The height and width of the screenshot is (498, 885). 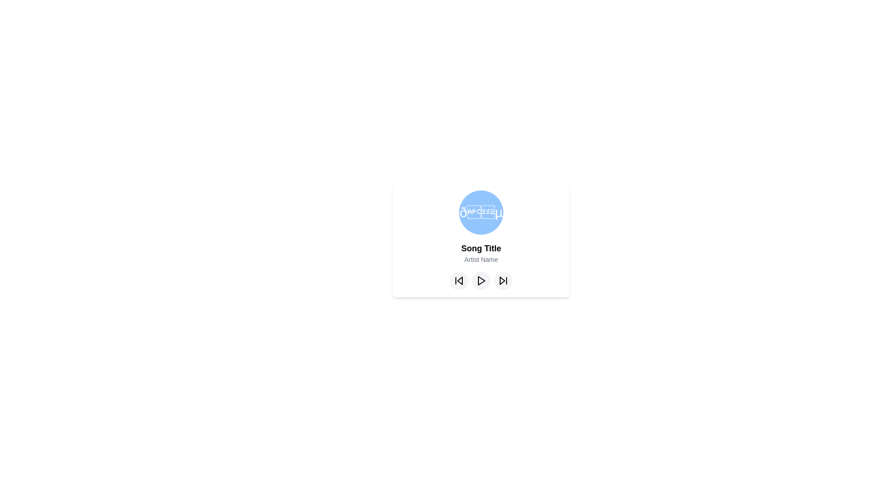 What do you see at coordinates (480, 239) in the screenshot?
I see `the group of display elements that shows song information, including title and artist` at bounding box center [480, 239].